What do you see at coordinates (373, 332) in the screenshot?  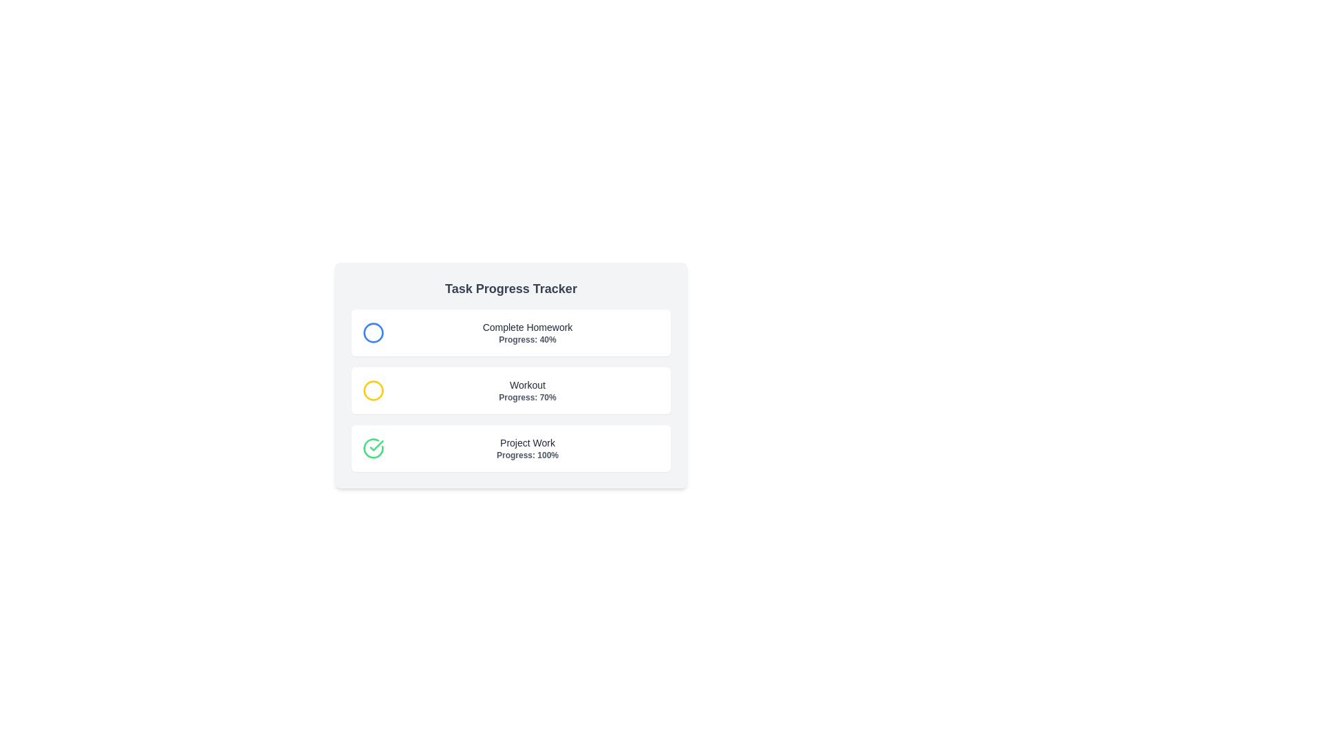 I see `the geometric circle icon with a blue stroke, which serves as a status indicator for the 'Complete Homework Progress: 40%' task in the Task Progress Tracker interface` at bounding box center [373, 332].